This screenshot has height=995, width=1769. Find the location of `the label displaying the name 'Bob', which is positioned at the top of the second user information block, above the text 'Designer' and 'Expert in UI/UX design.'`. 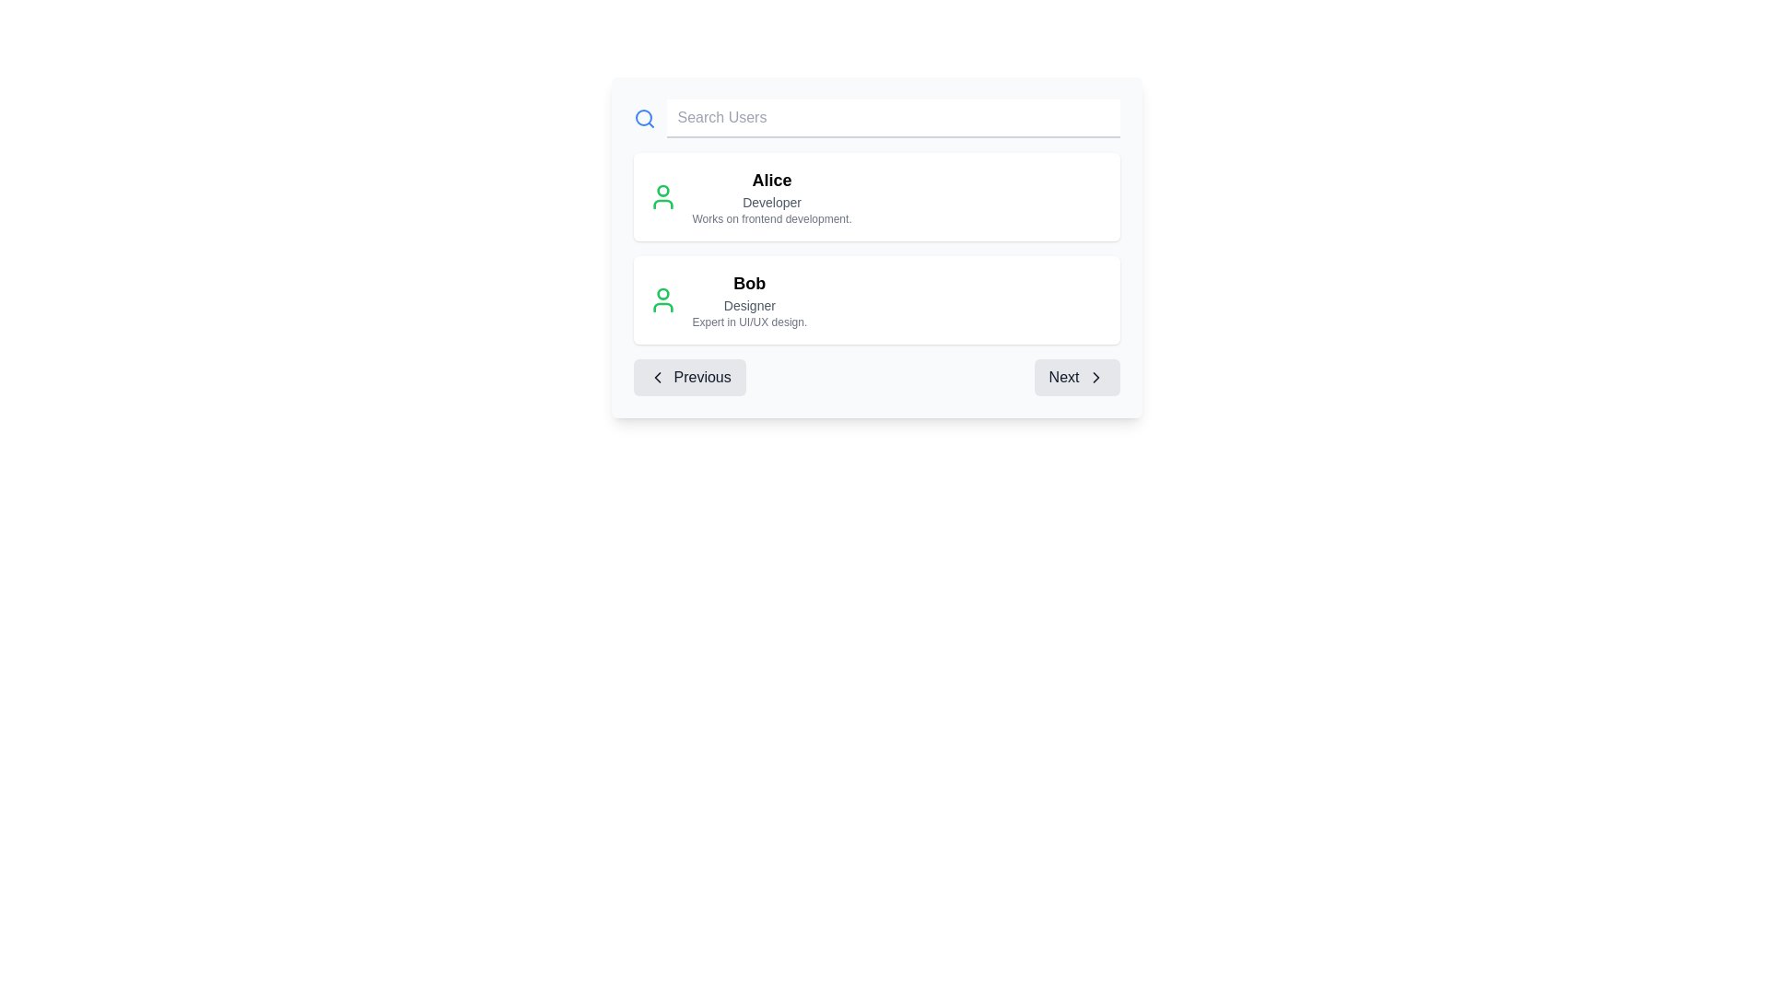

the label displaying the name 'Bob', which is positioned at the top of the second user information block, above the text 'Designer' and 'Expert in UI/UX design.' is located at coordinates (749, 284).